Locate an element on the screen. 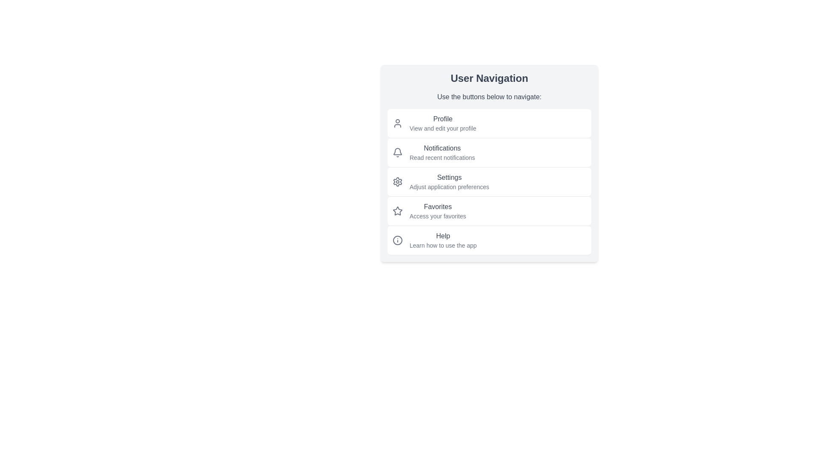 The height and width of the screenshot is (458, 815). the menu item corresponding to Help to navigate to the desired section is located at coordinates (489, 240).